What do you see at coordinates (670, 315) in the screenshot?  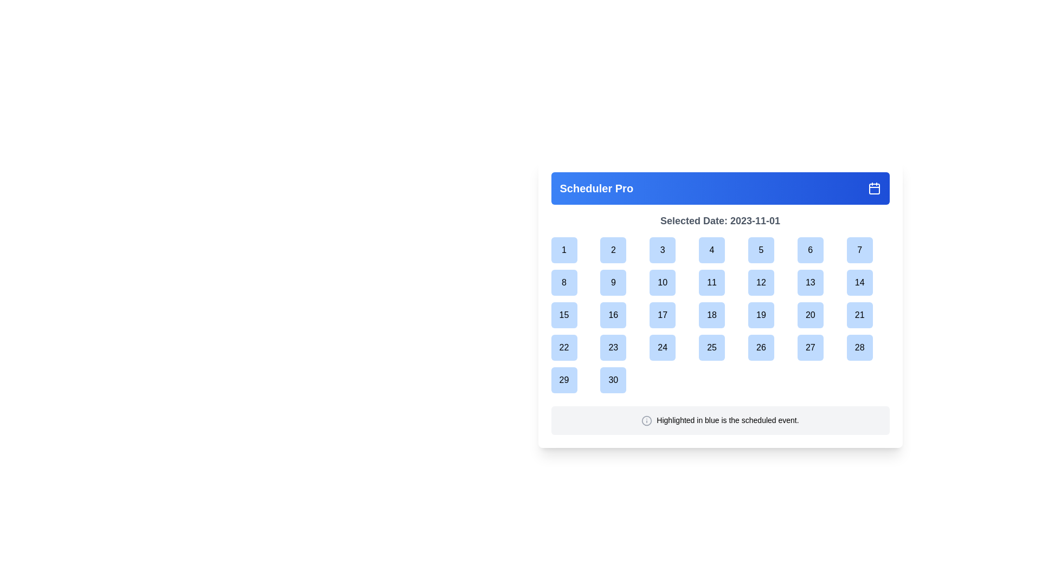 I see `the rectangular button displaying '17' with the text 'No Event' and a light blue background, located in the third row, third column of the button grid` at bounding box center [670, 315].